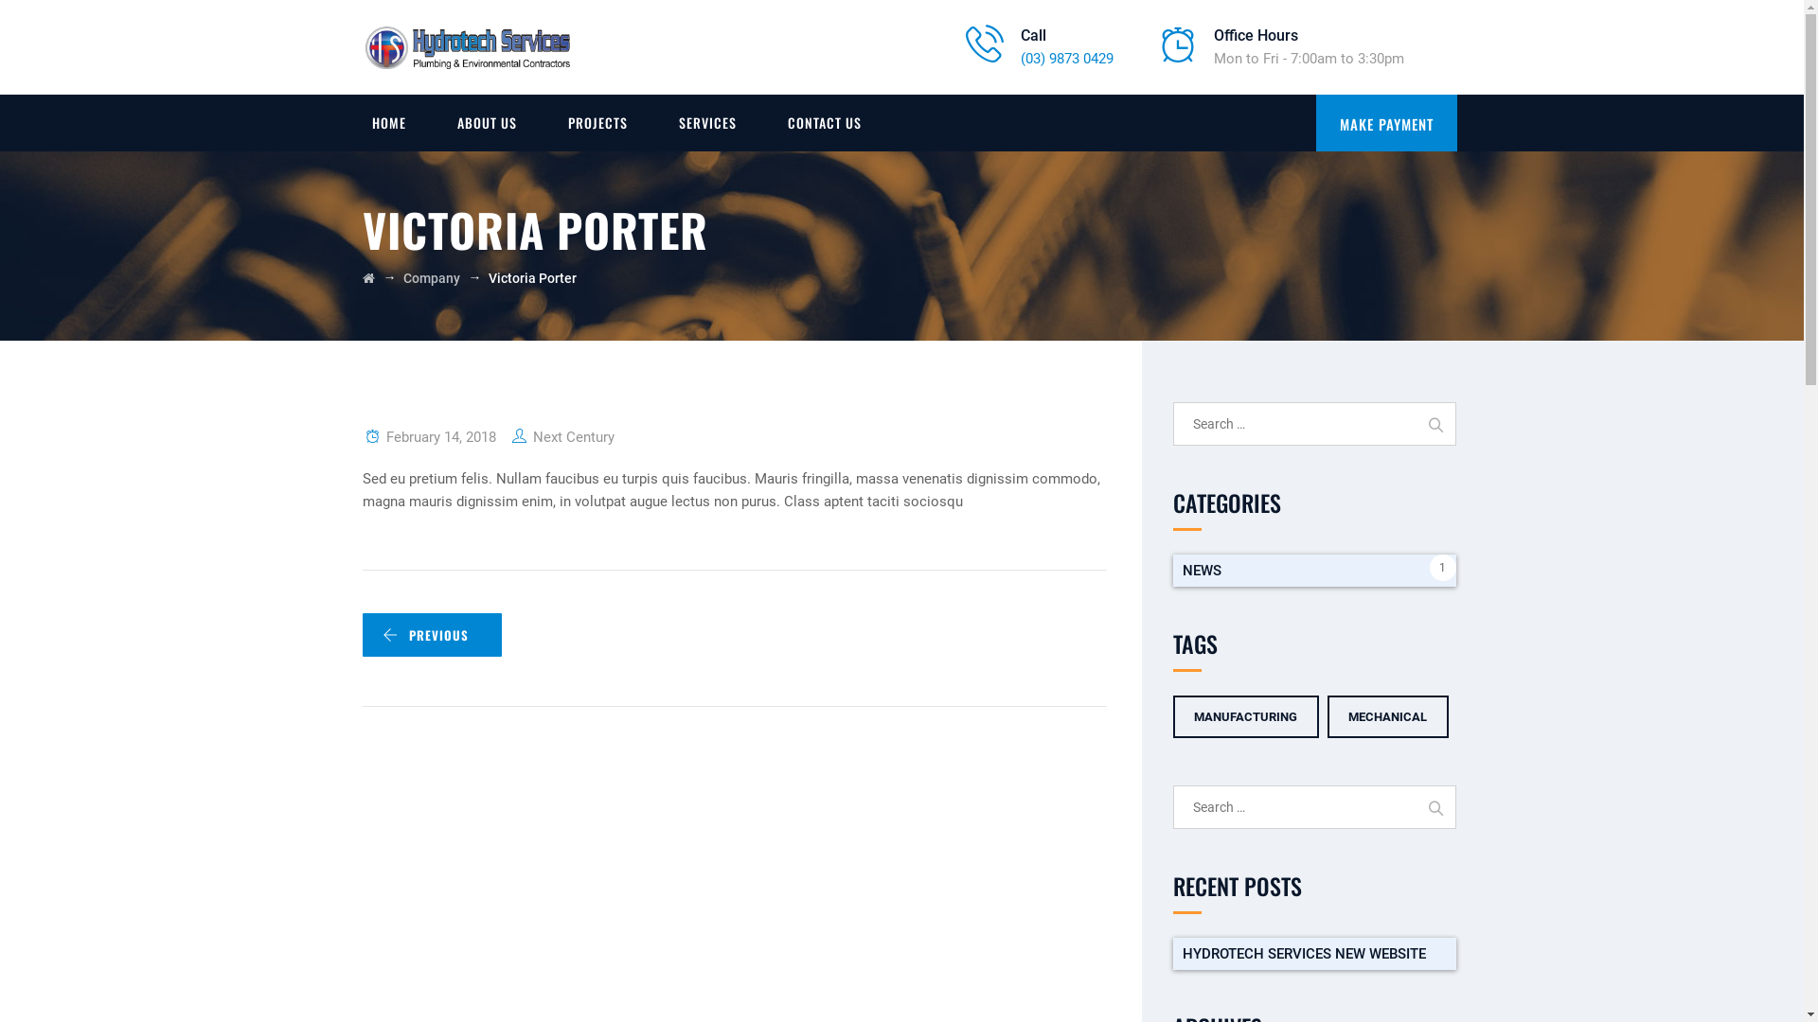 The width and height of the screenshot is (1818, 1022). What do you see at coordinates (431, 277) in the screenshot?
I see `'Company'` at bounding box center [431, 277].